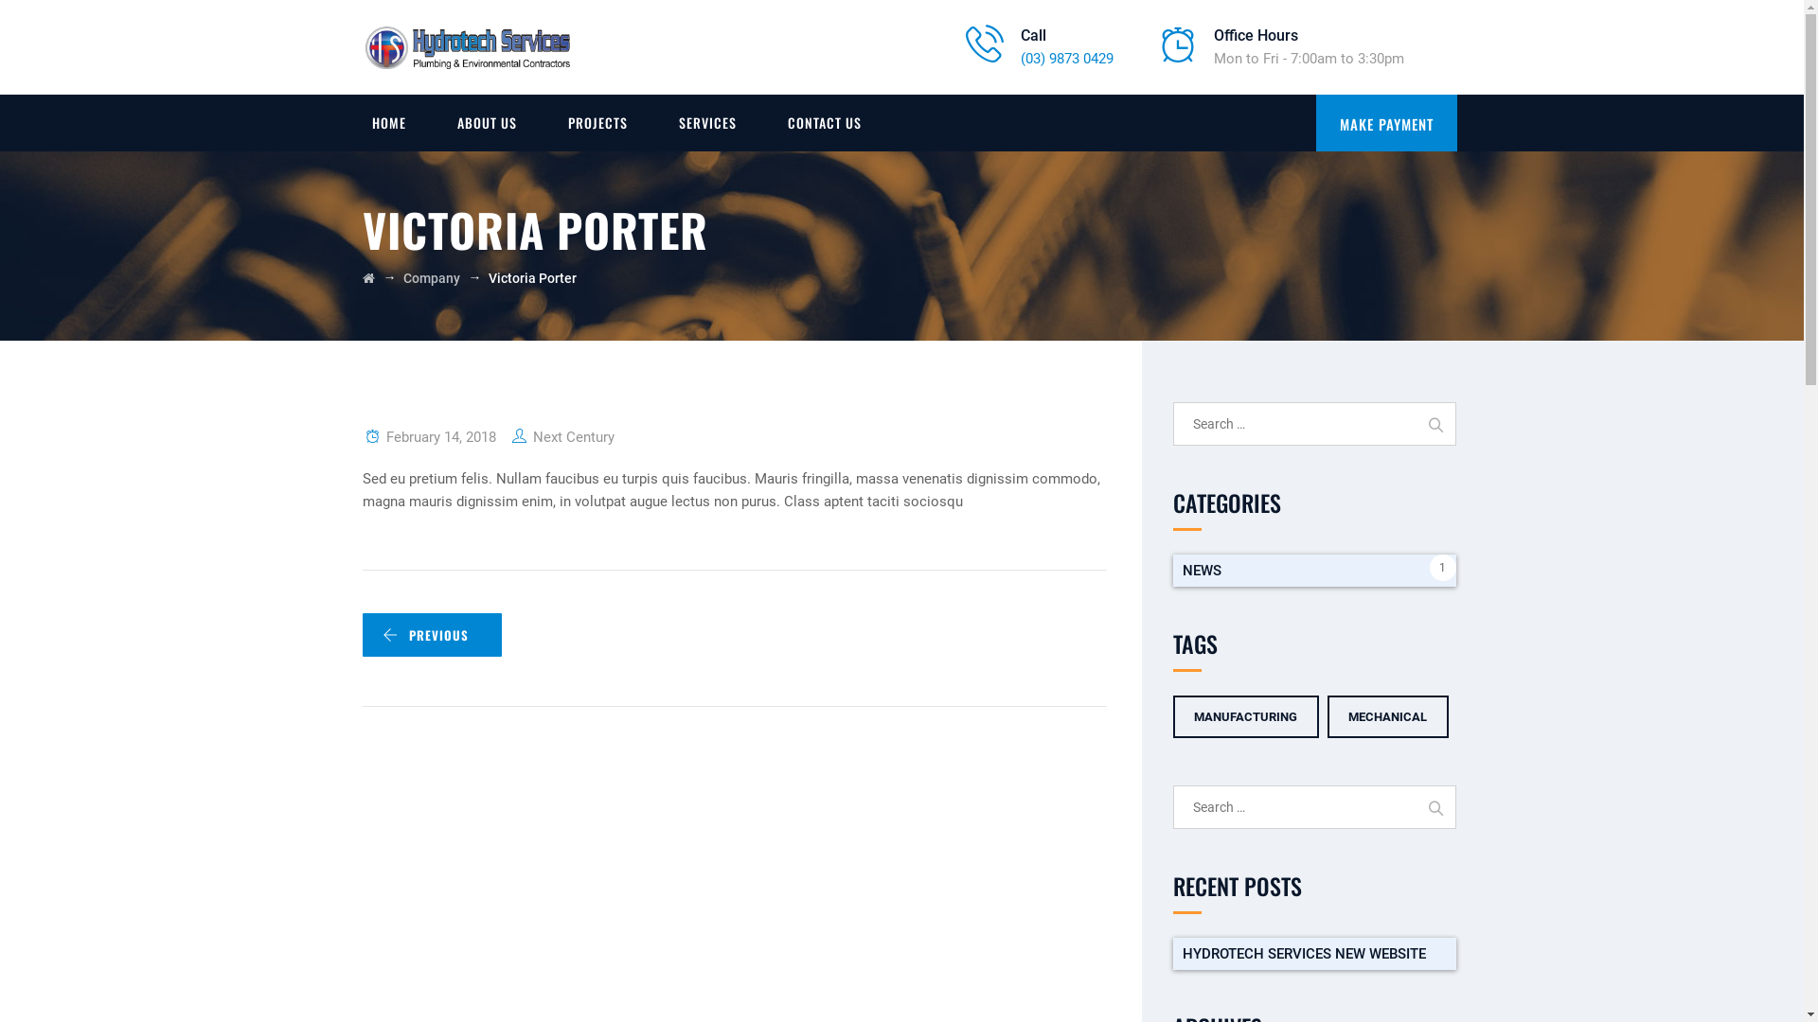 The width and height of the screenshot is (1818, 1022). What do you see at coordinates (431, 277) in the screenshot?
I see `'Company'` at bounding box center [431, 277].